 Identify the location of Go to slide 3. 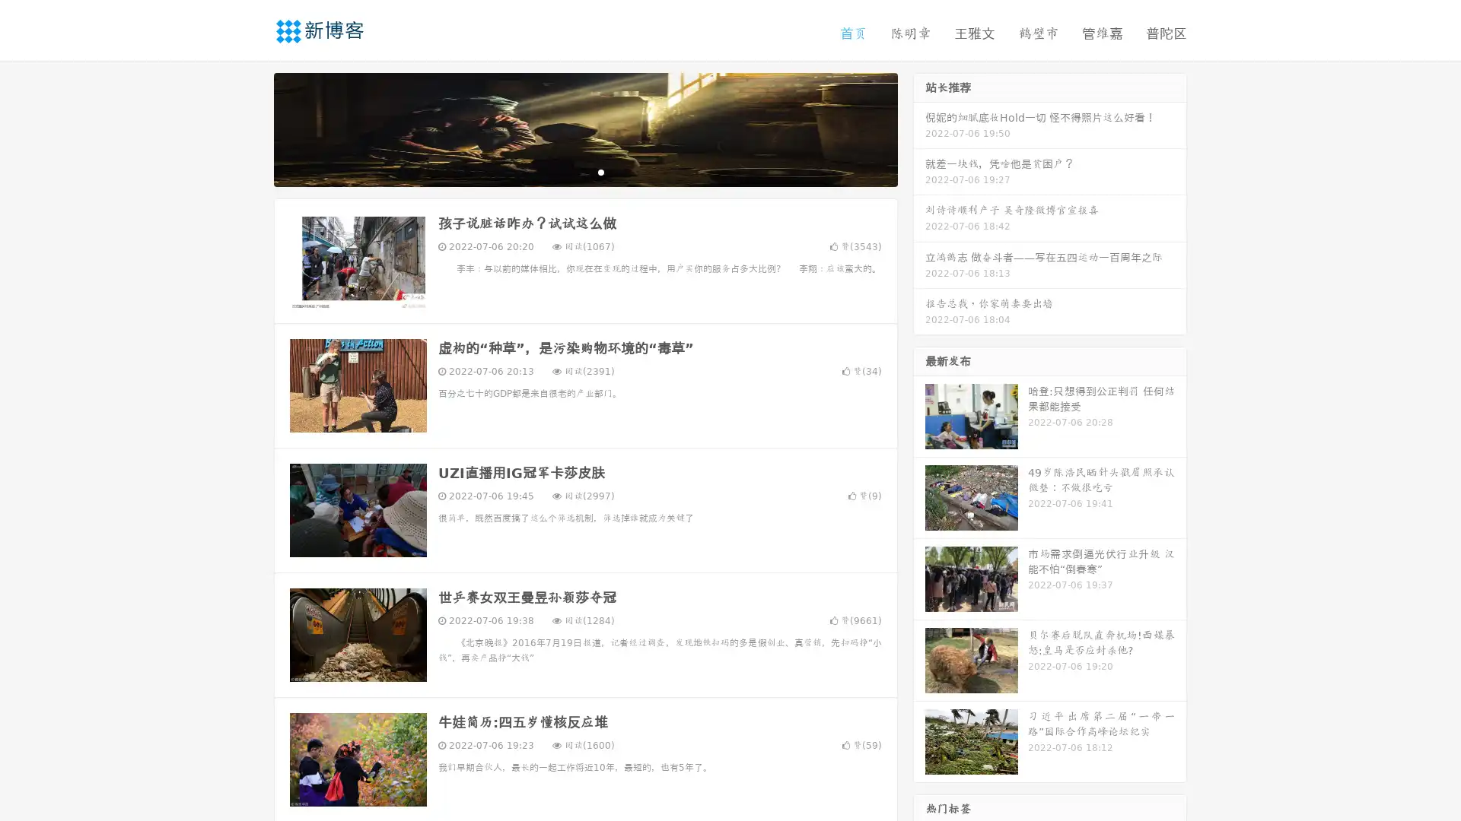
(600, 171).